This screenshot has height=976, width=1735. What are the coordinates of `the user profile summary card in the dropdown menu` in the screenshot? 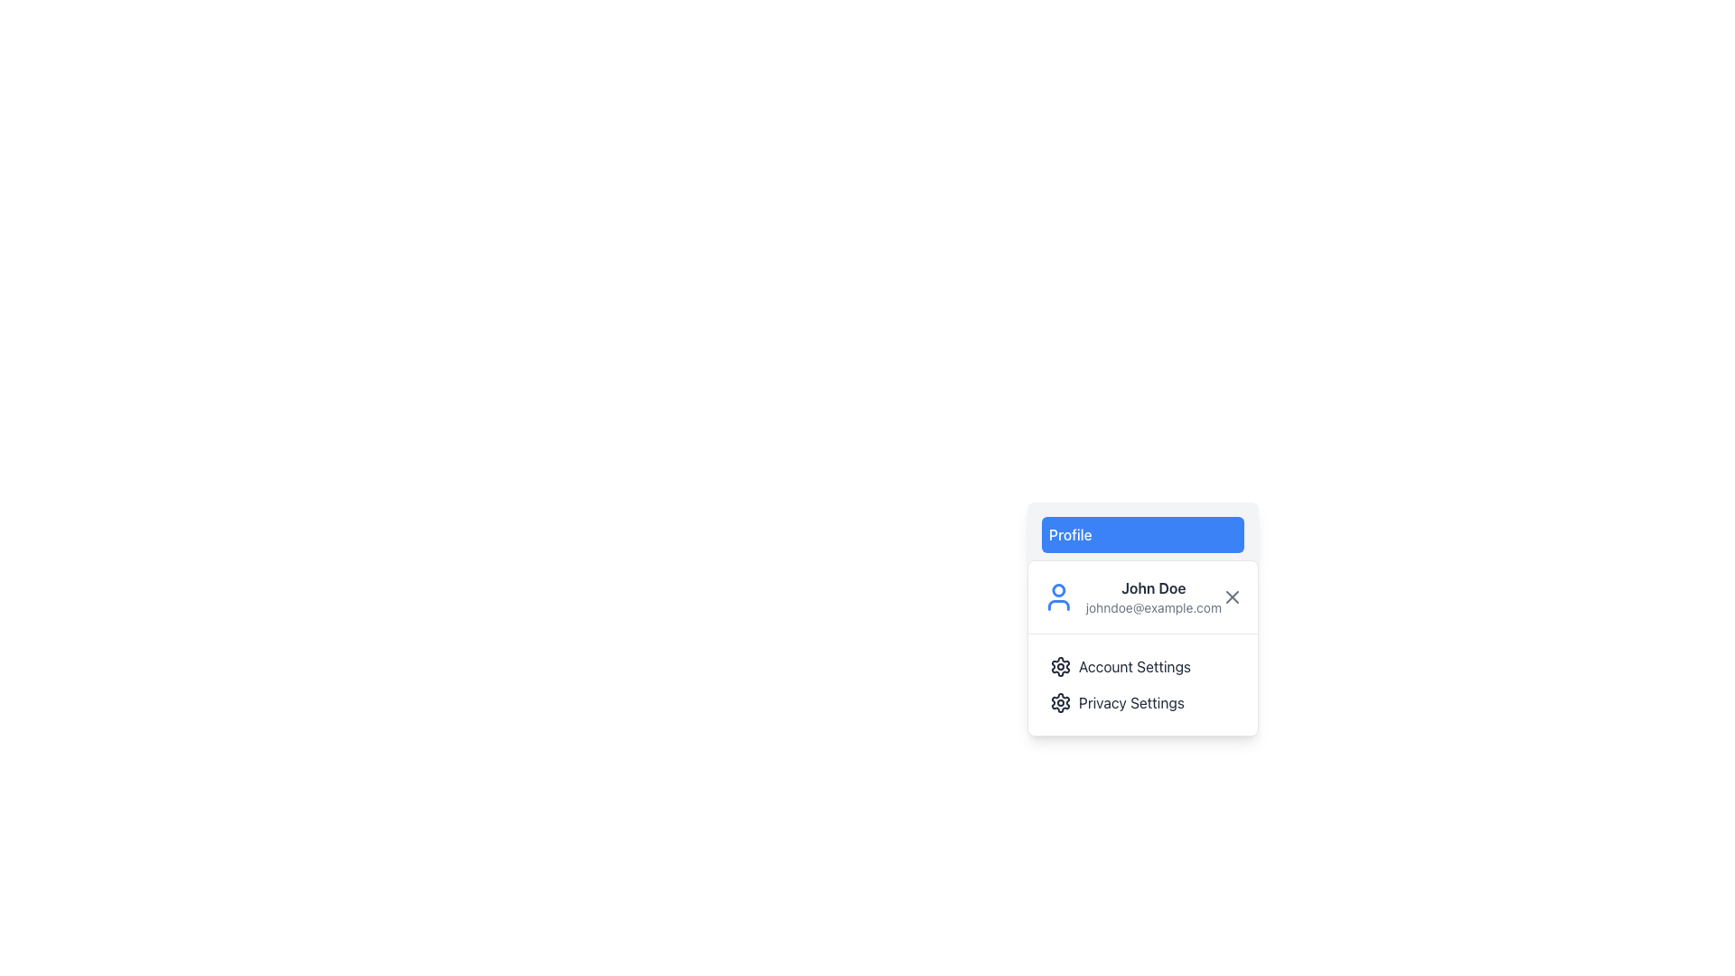 It's located at (1142, 596).